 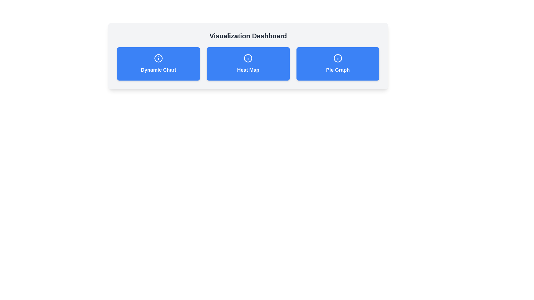 I want to click on the Card Component in the center of the row, so click(x=248, y=64).